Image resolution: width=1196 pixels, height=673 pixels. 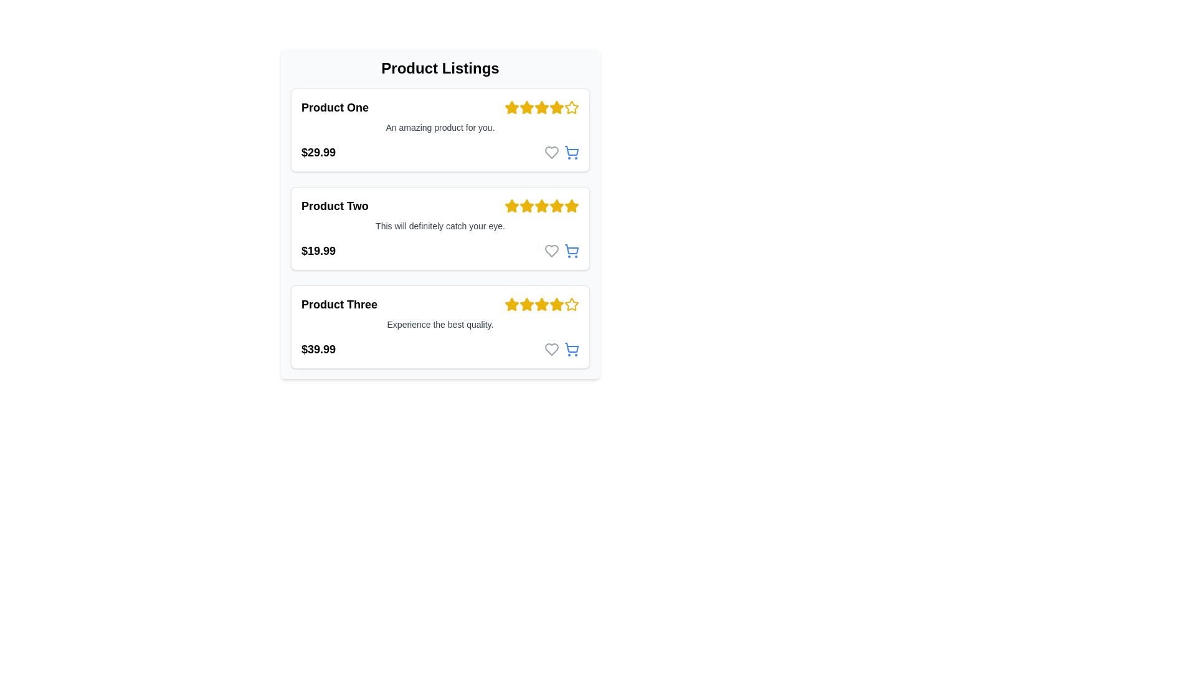 I want to click on the first star icon in the five-star rating system of 'Product One' card to indicate the rating visually, so click(x=511, y=107).